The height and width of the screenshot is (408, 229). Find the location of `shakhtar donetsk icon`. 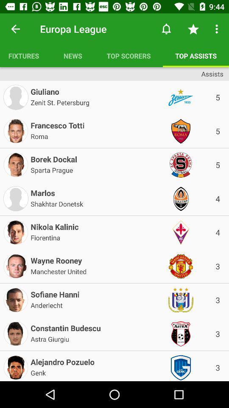

shakhtar donetsk icon is located at coordinates (57, 203).